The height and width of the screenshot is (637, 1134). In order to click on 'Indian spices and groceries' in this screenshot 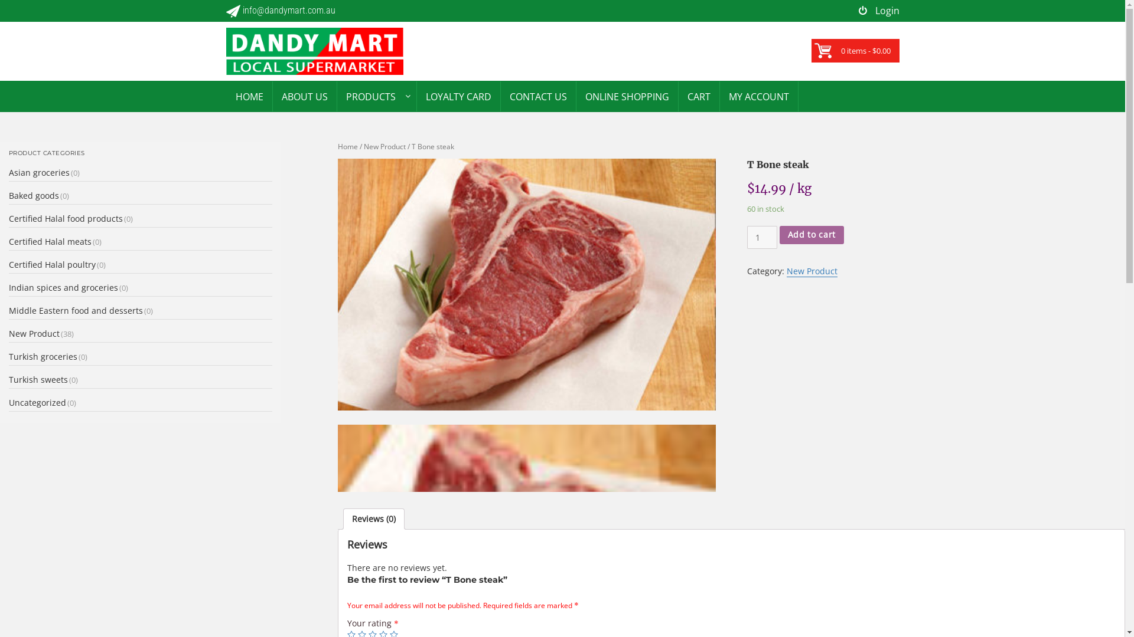, I will do `click(63, 287)`.